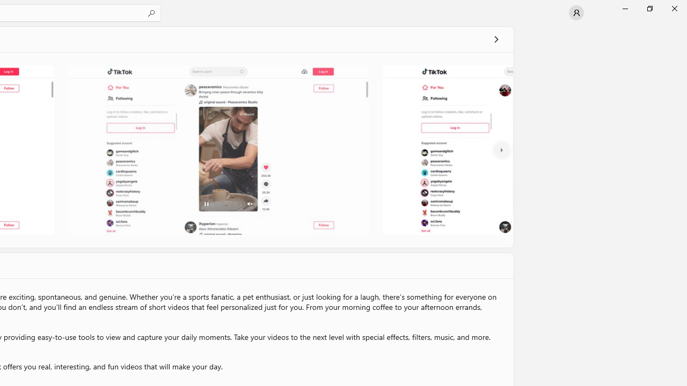  Describe the element at coordinates (625, 8) in the screenshot. I see `'Minimize Microsoft Store'` at that location.